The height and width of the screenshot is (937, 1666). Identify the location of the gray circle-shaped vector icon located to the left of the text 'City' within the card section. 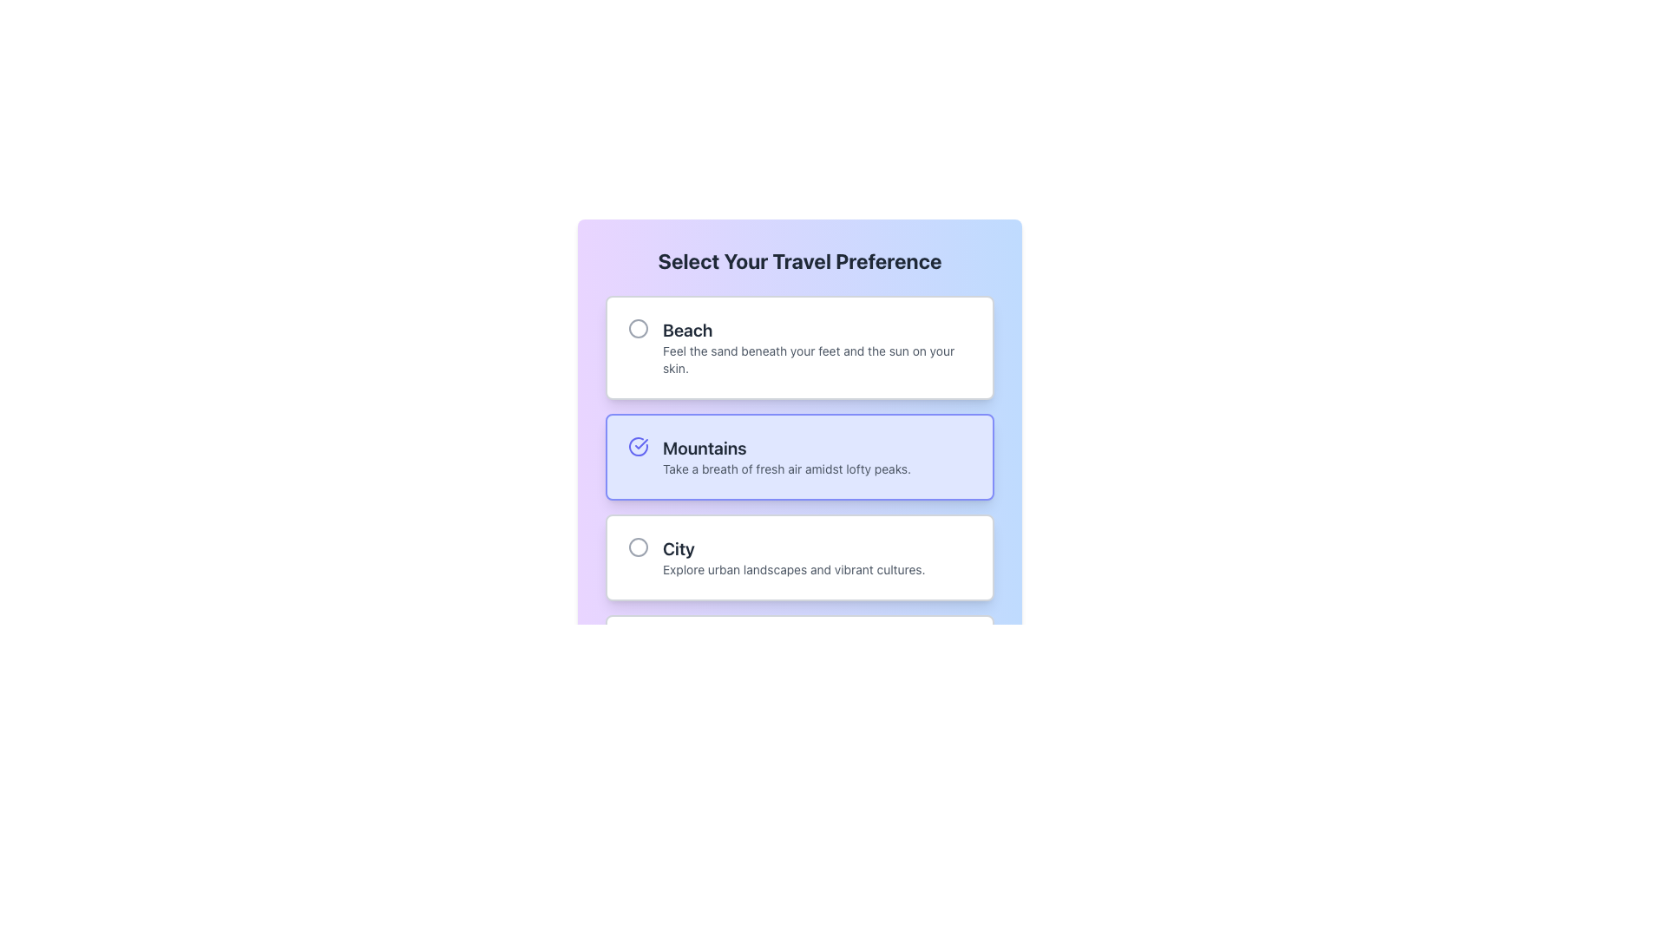
(637, 547).